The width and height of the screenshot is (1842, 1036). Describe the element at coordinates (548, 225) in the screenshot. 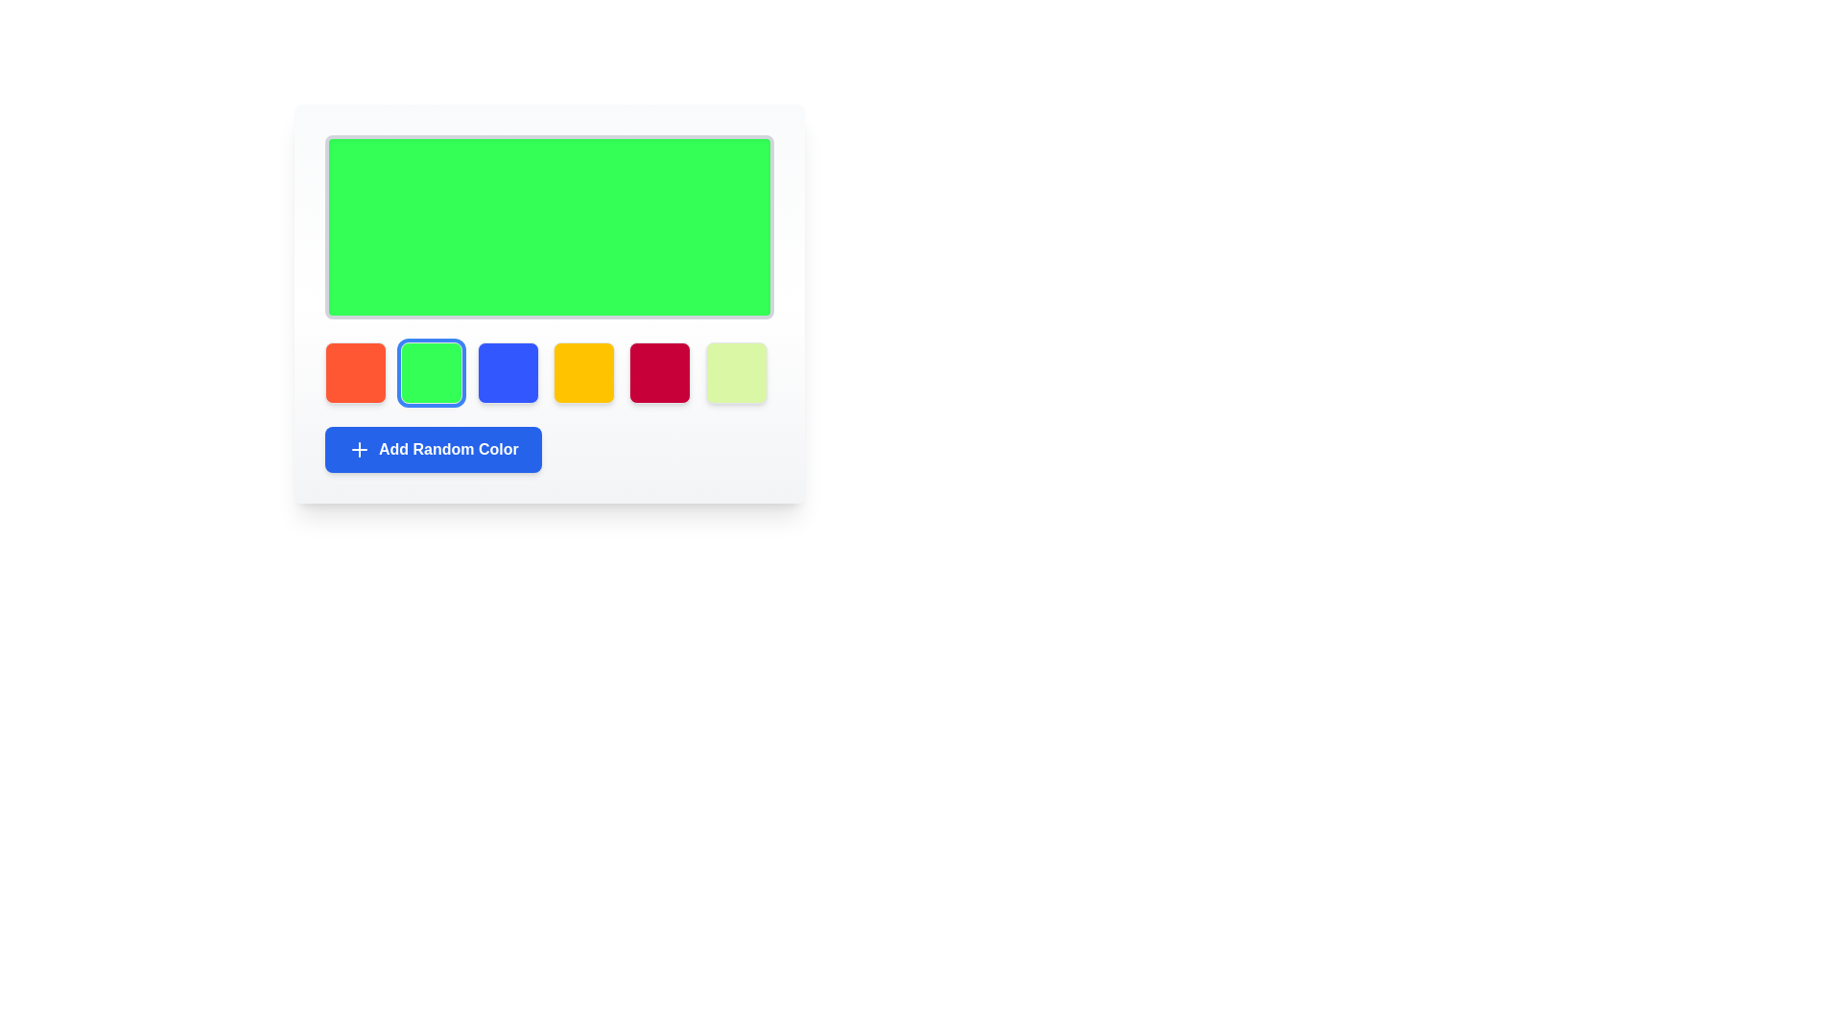

I see `the large green rectangle display area with rounded corners, which is the top-most component above a grid of colorful squares` at that location.